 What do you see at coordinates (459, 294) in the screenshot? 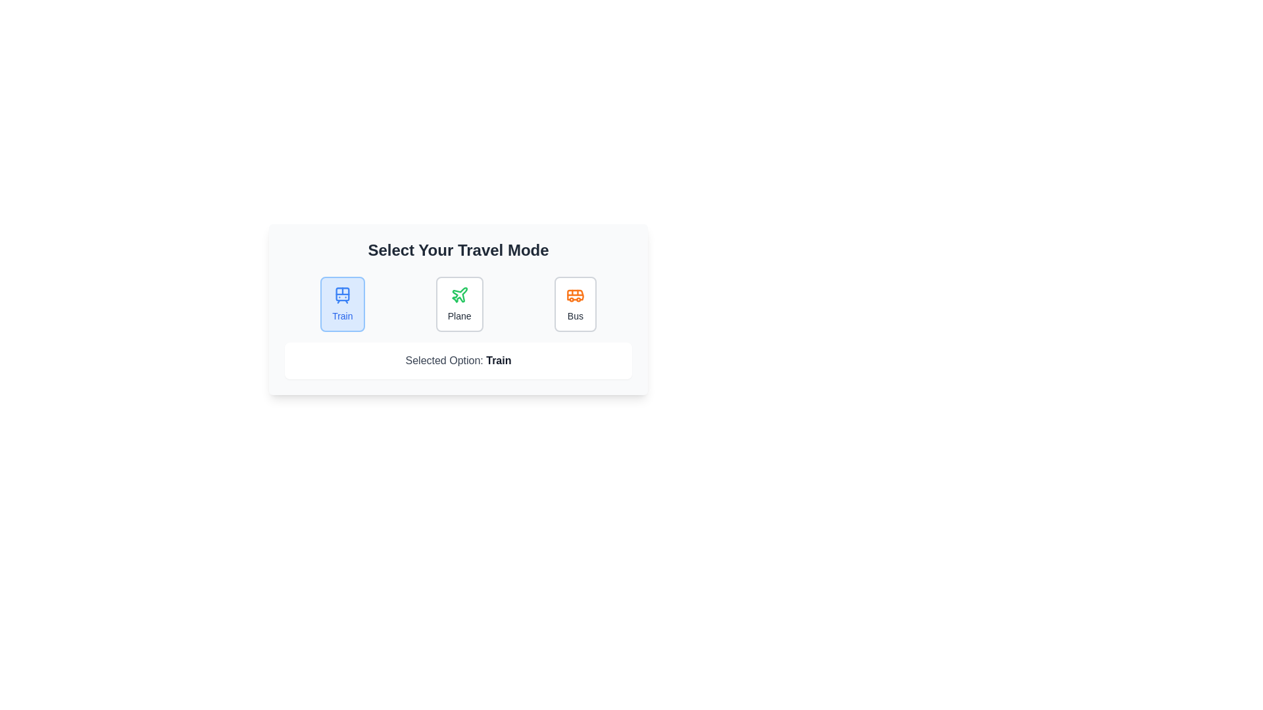
I see `the green-colored plane icon that represents the travel mode labeled 'Plane' in the 'Select Your Travel Mode' interface` at bounding box center [459, 294].